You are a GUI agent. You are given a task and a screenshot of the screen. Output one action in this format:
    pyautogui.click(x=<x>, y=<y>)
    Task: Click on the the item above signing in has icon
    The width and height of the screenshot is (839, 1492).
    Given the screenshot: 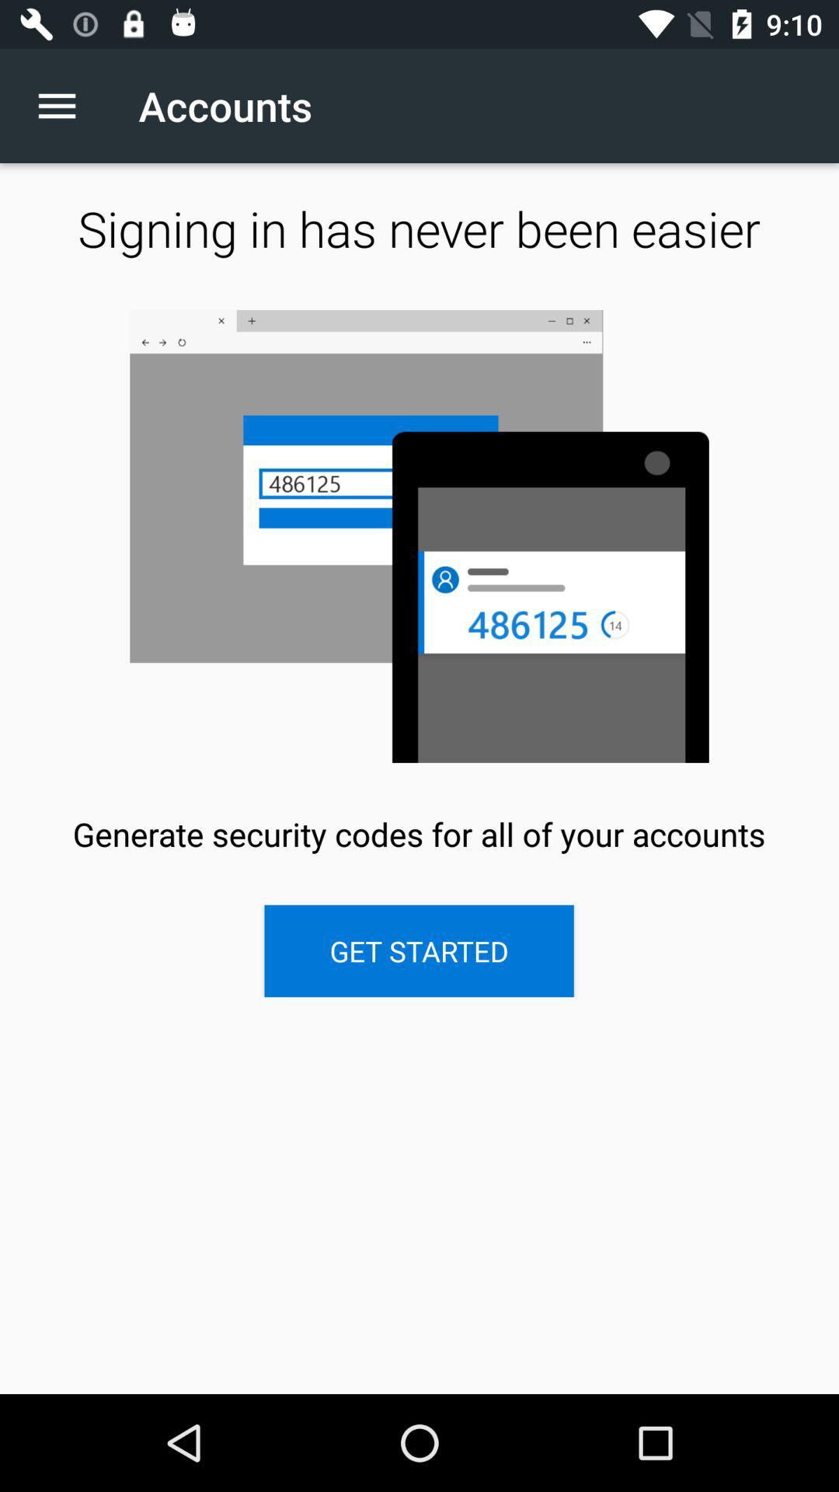 What is the action you would take?
    pyautogui.click(x=64, y=105)
    